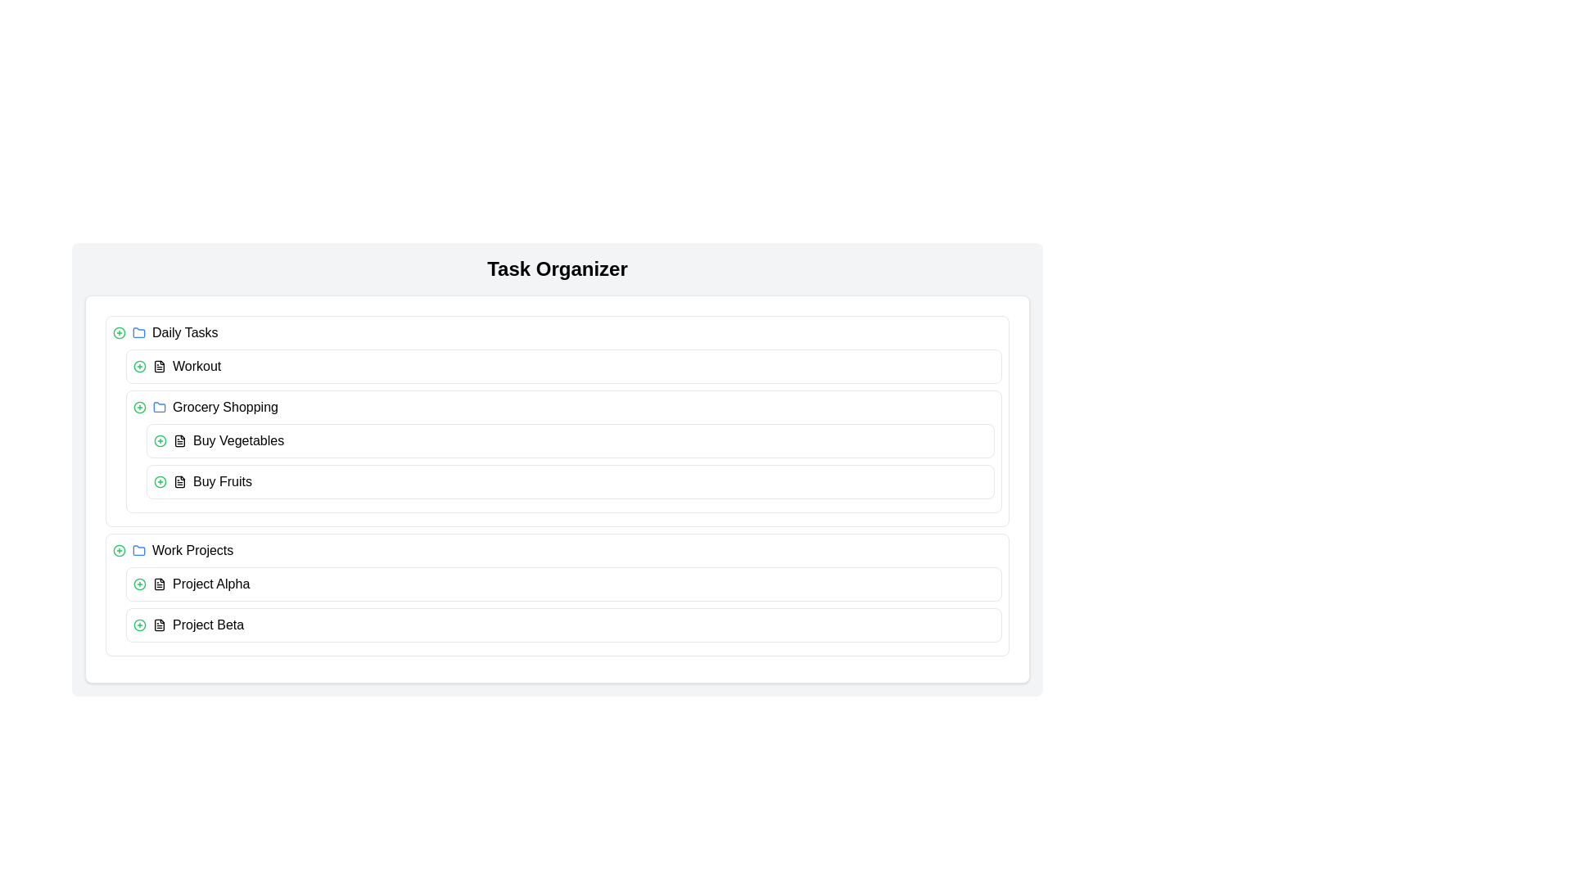  I want to click on the circular icon representing a plus sign, which is part of the interactive feature for adding items next to the 'Grocery Shopping' category, so click(140, 406).